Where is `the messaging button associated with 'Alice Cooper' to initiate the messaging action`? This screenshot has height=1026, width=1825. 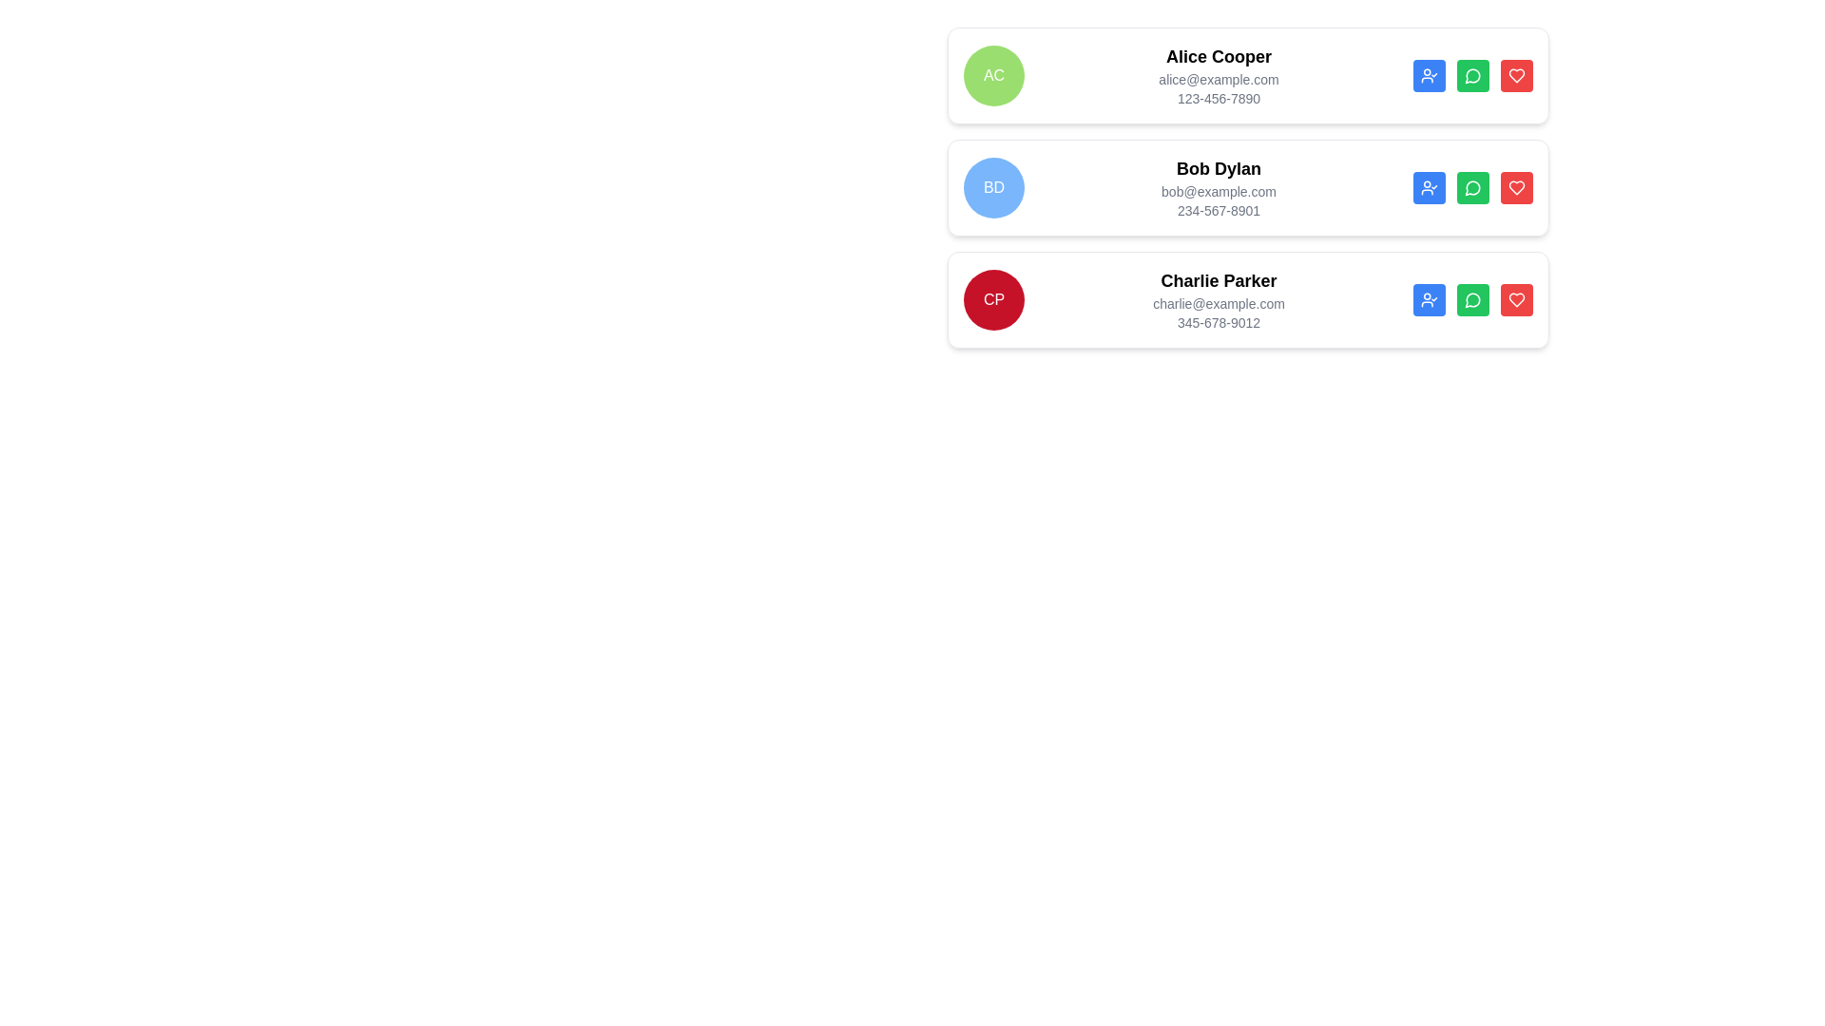
the messaging button associated with 'Alice Cooper' to initiate the messaging action is located at coordinates (1472, 75).